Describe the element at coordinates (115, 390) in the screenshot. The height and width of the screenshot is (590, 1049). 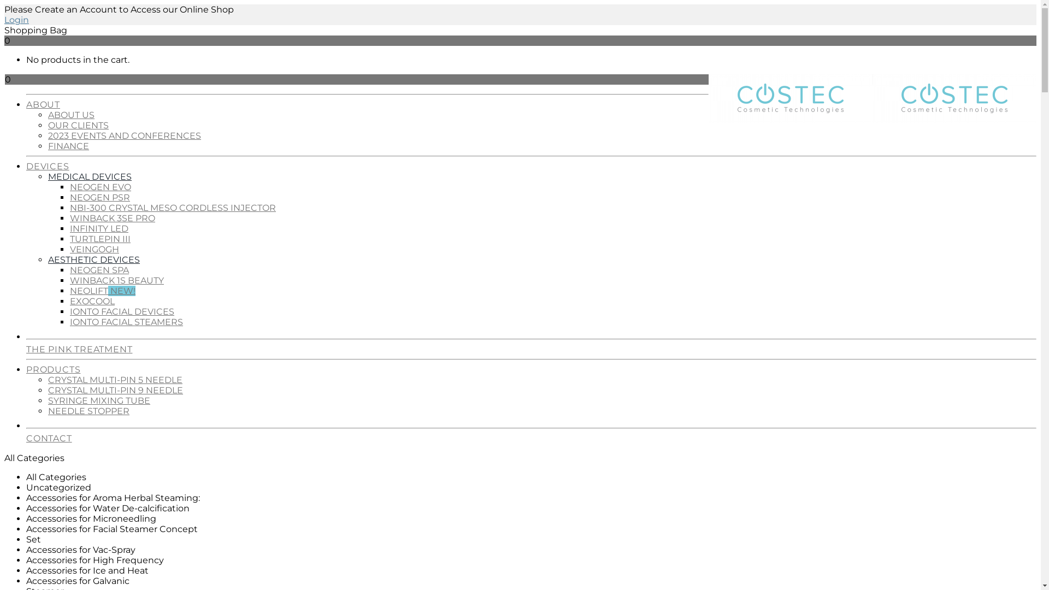
I see `'CRYSTAL MULTI-PIN 9 NEEDLE'` at that location.